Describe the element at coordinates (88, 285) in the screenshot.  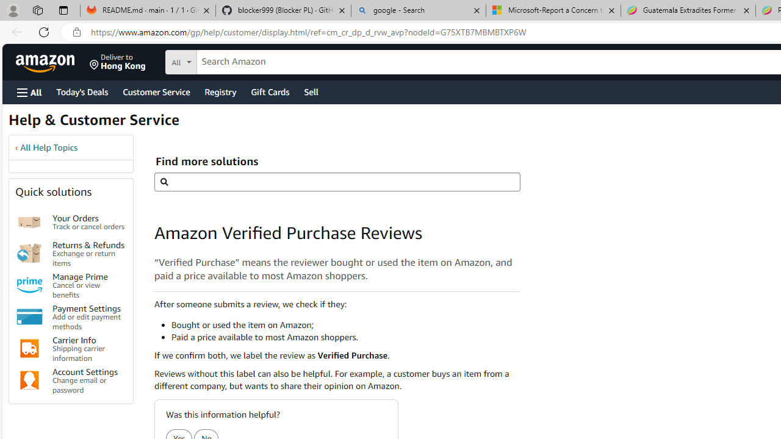
I see `'Manage Prime Cancel or view benefits'` at that location.